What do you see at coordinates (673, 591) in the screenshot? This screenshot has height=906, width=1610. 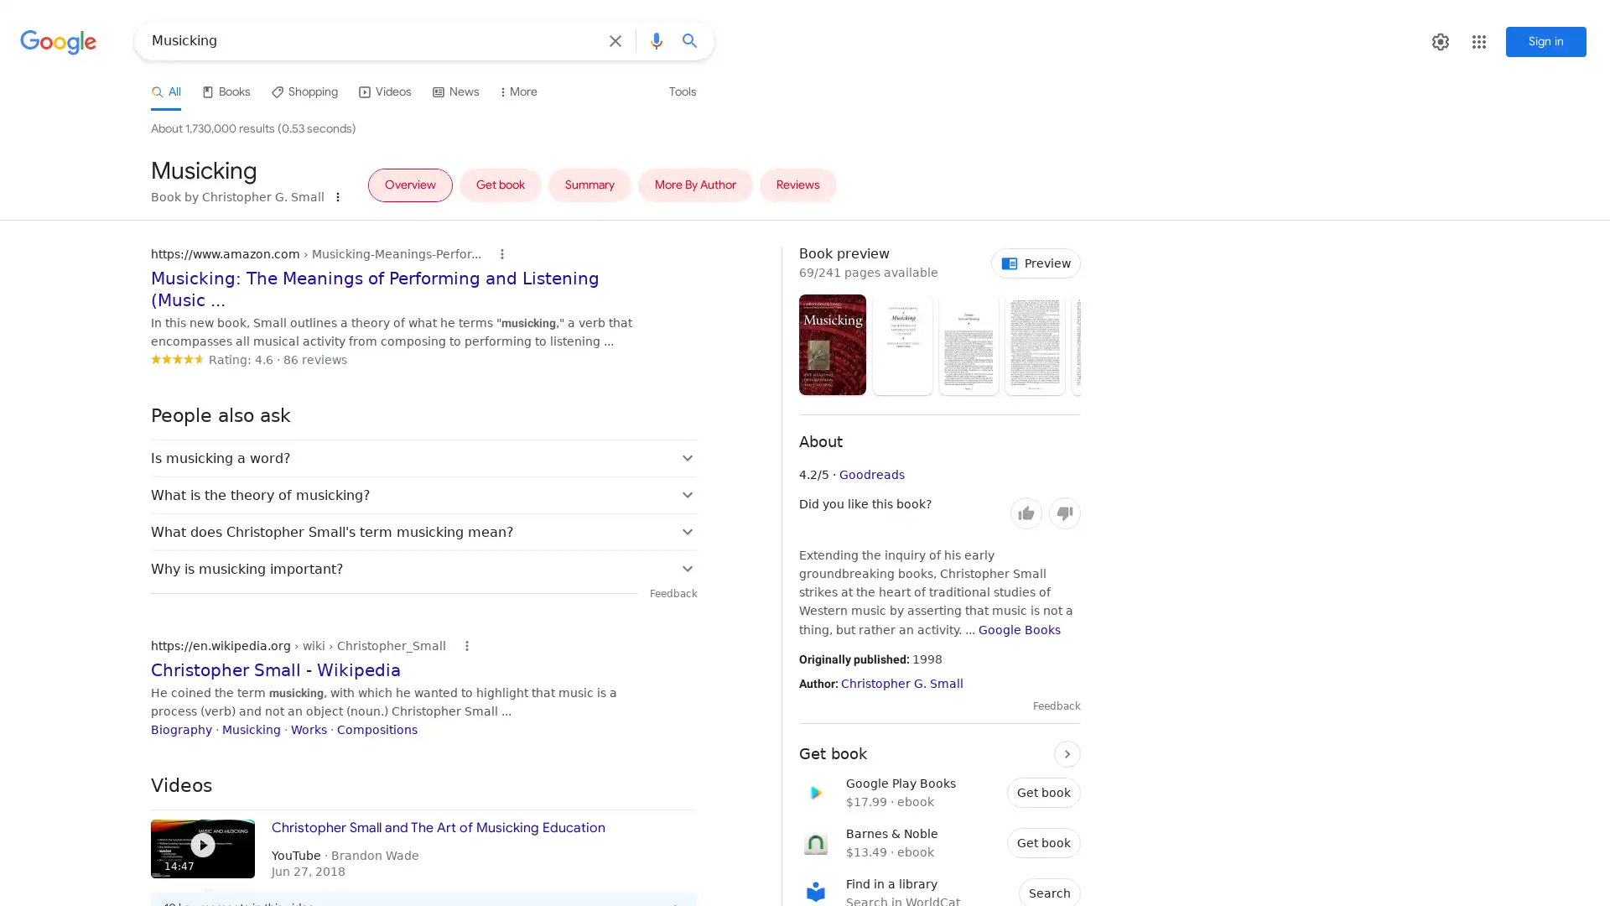 I see `Feedback` at bounding box center [673, 591].